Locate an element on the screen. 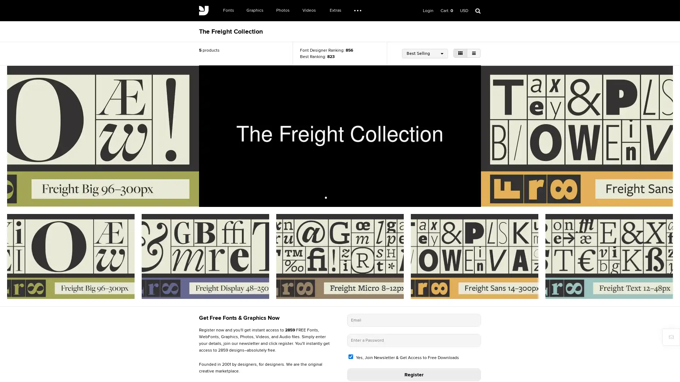 The image size is (680, 382). Best Selling is located at coordinates (425, 53).